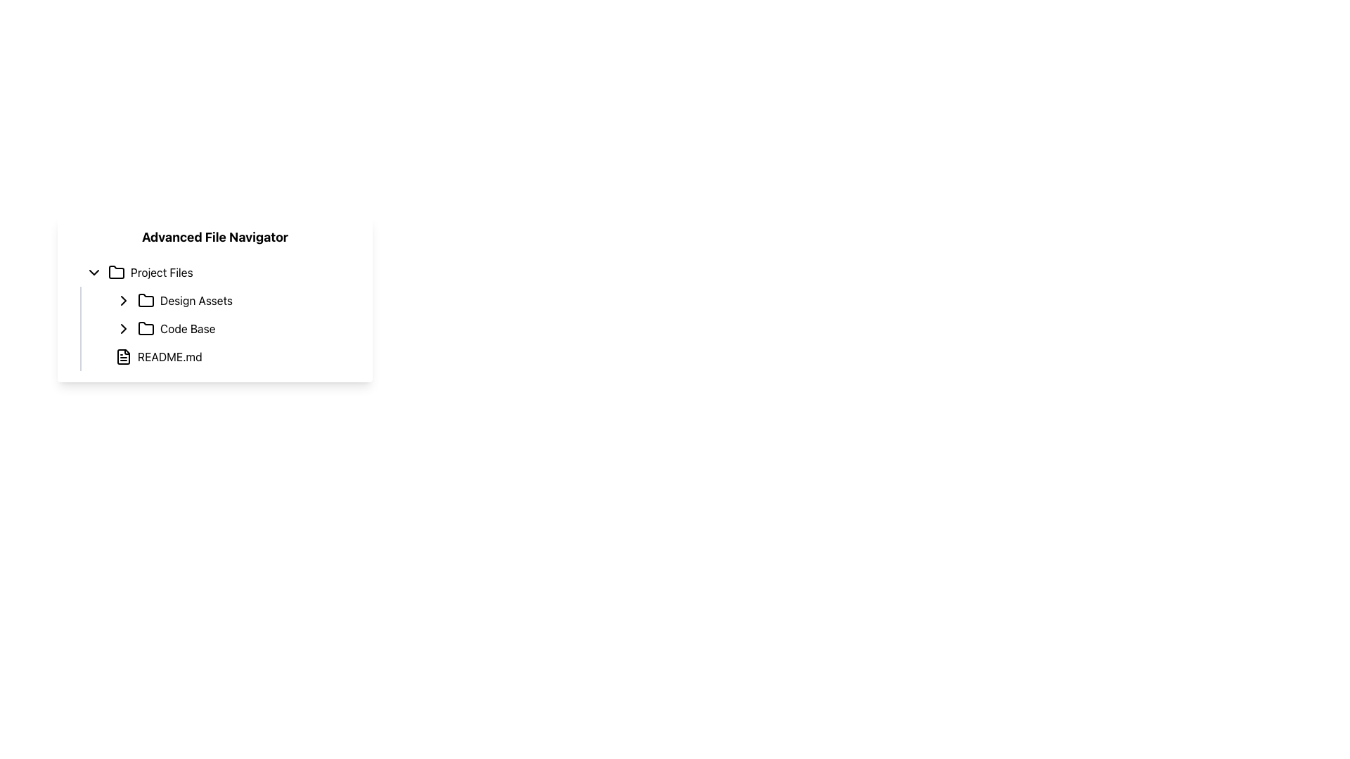  Describe the element at coordinates (117, 273) in the screenshot. I see `the SVG folder icon located to the immediate left of the 'Project Files' text in the file navigation section` at that location.